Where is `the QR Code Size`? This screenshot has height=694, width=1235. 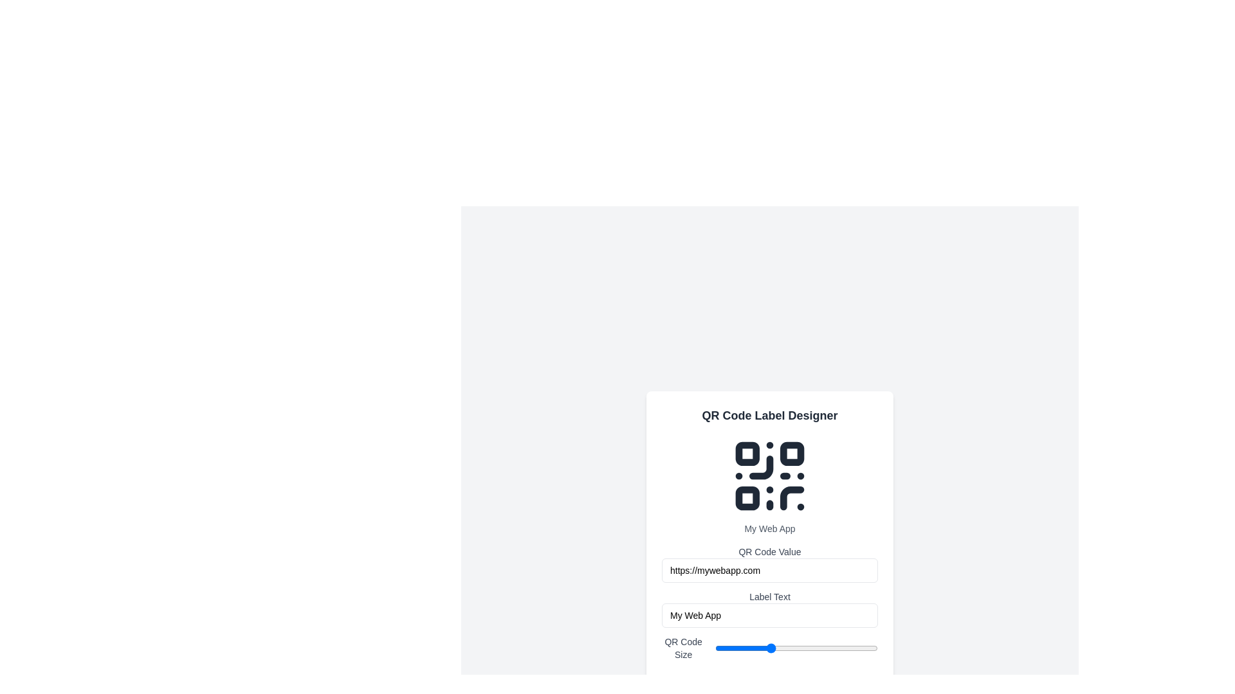
the QR Code Size is located at coordinates (841, 648).